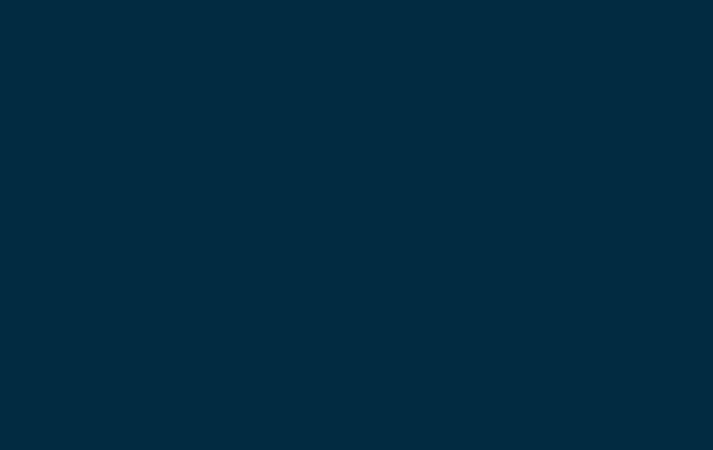 The width and height of the screenshot is (713, 450). I want to click on 'Overview', so click(356, 55).